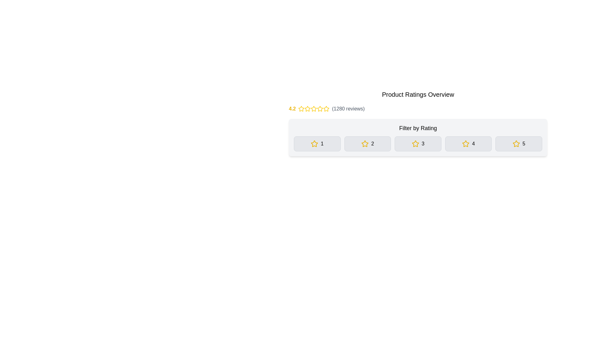 This screenshot has height=337, width=599. What do you see at coordinates (516, 144) in the screenshot?
I see `the fifth hollow star icon in the 'Filter by Rating' section to trigger a tooltip or highlight effect` at bounding box center [516, 144].